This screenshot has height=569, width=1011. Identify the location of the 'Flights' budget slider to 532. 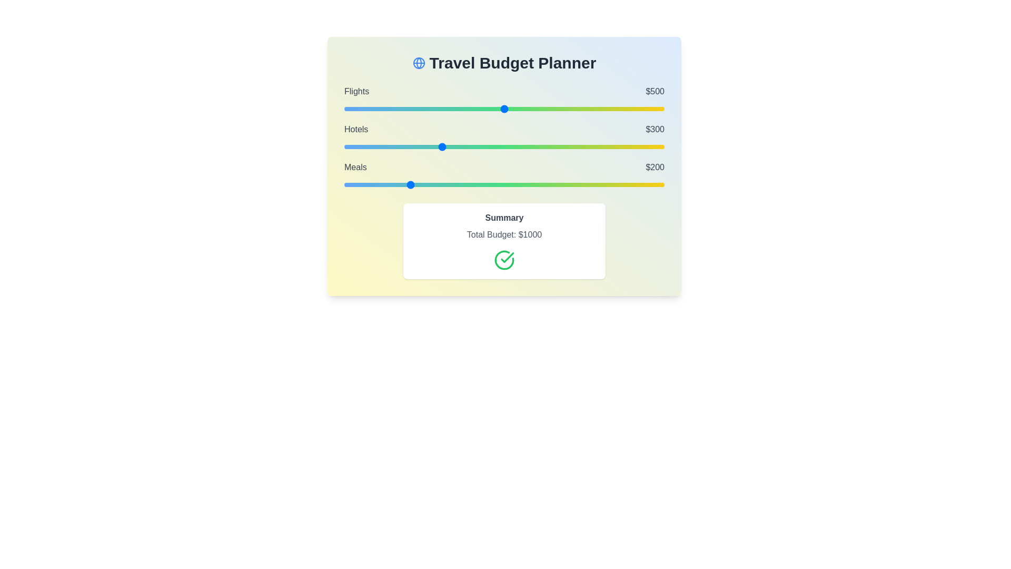
(514, 109).